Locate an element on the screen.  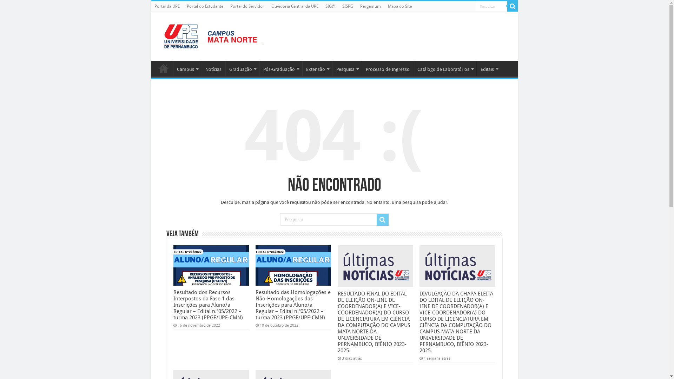
'Mapa do Site' is located at coordinates (399, 6).